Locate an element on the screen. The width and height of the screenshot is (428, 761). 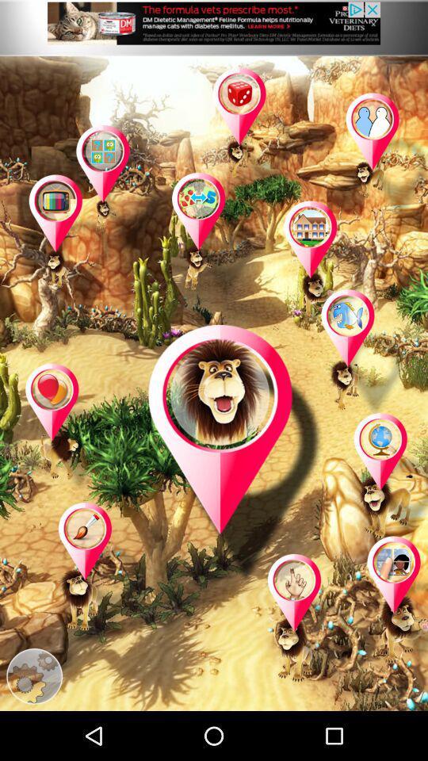
game page is located at coordinates (382, 158).